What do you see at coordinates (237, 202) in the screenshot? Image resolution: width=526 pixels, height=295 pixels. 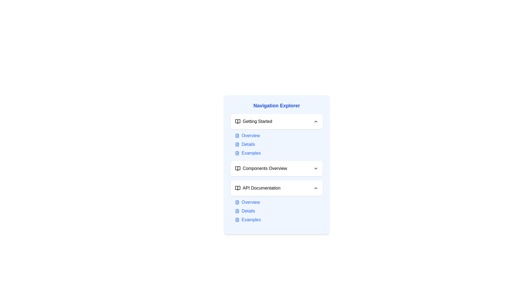 I see `the 'Overview' icon located in the 'API Documentation' section, which visually represents documentation or files` at bounding box center [237, 202].